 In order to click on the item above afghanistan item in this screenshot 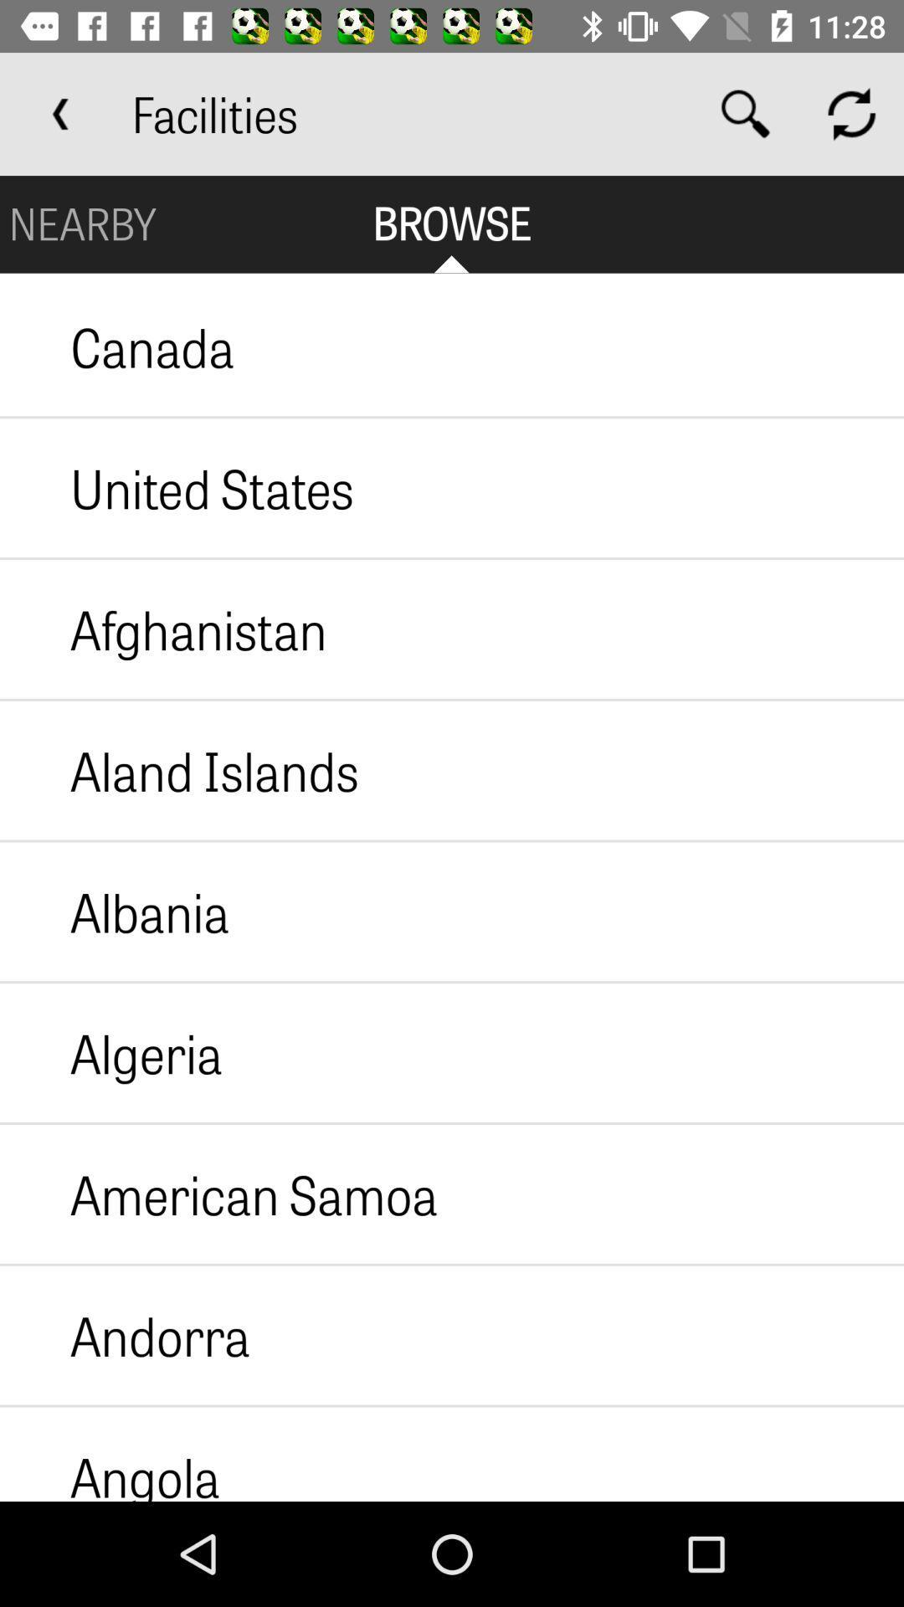, I will do `click(177, 487)`.